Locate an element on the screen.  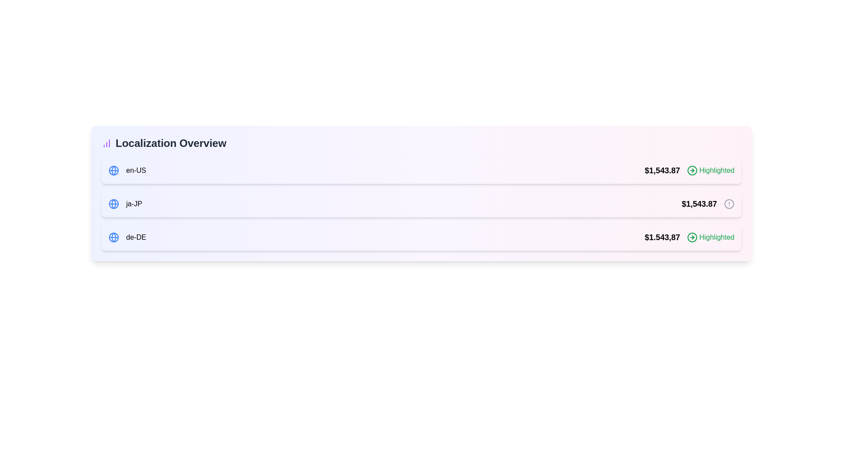
prominently styled text displaying the string '$1.543,87', which is located on the right side of the third row, preceding the label 'Highlighted' is located at coordinates (662, 237).